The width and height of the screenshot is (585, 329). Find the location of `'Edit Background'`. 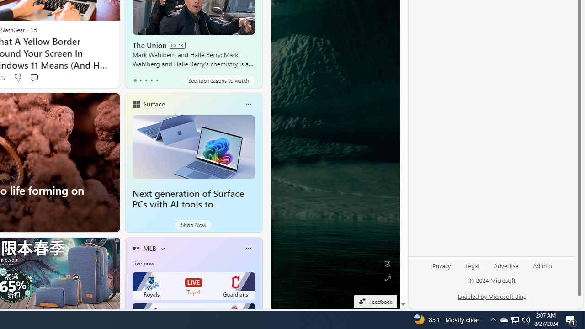

'Edit Background' is located at coordinates (388, 264).